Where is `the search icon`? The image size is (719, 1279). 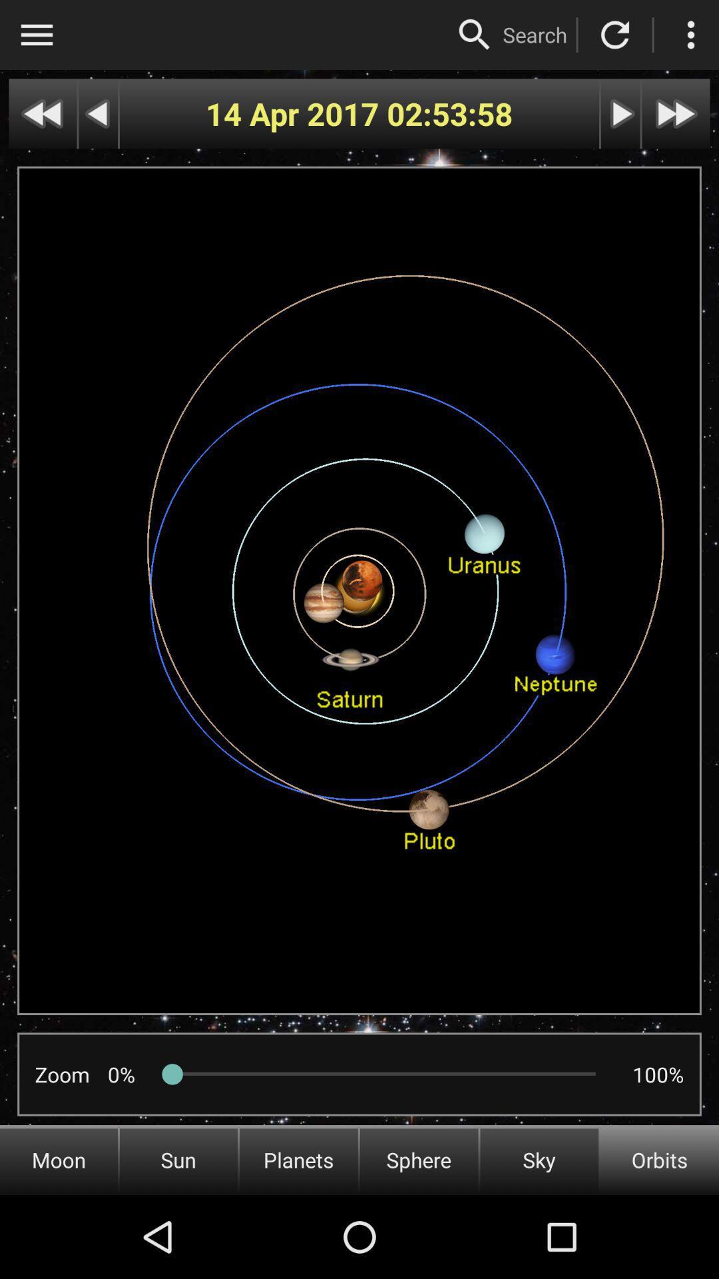
the search icon is located at coordinates (534, 35).